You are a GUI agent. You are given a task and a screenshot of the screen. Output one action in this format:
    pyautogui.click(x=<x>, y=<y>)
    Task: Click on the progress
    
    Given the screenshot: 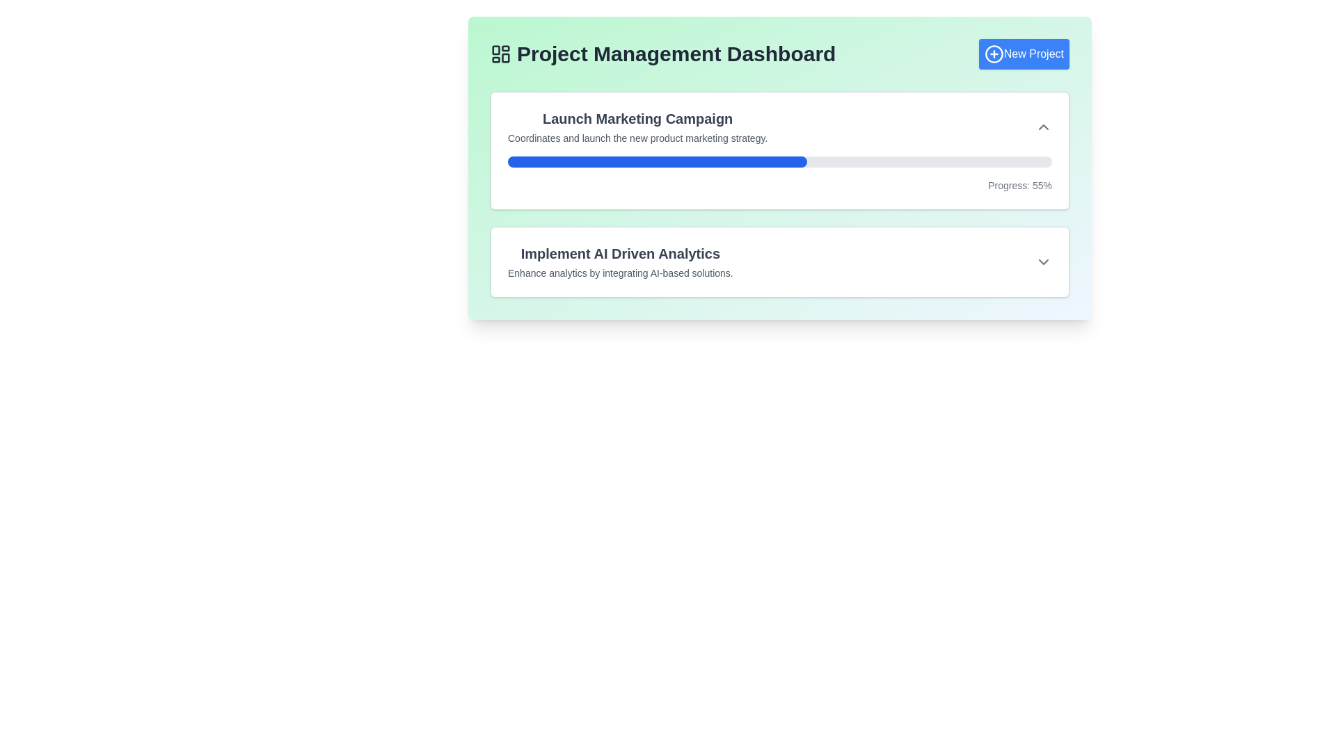 What is the action you would take?
    pyautogui.click(x=671, y=161)
    